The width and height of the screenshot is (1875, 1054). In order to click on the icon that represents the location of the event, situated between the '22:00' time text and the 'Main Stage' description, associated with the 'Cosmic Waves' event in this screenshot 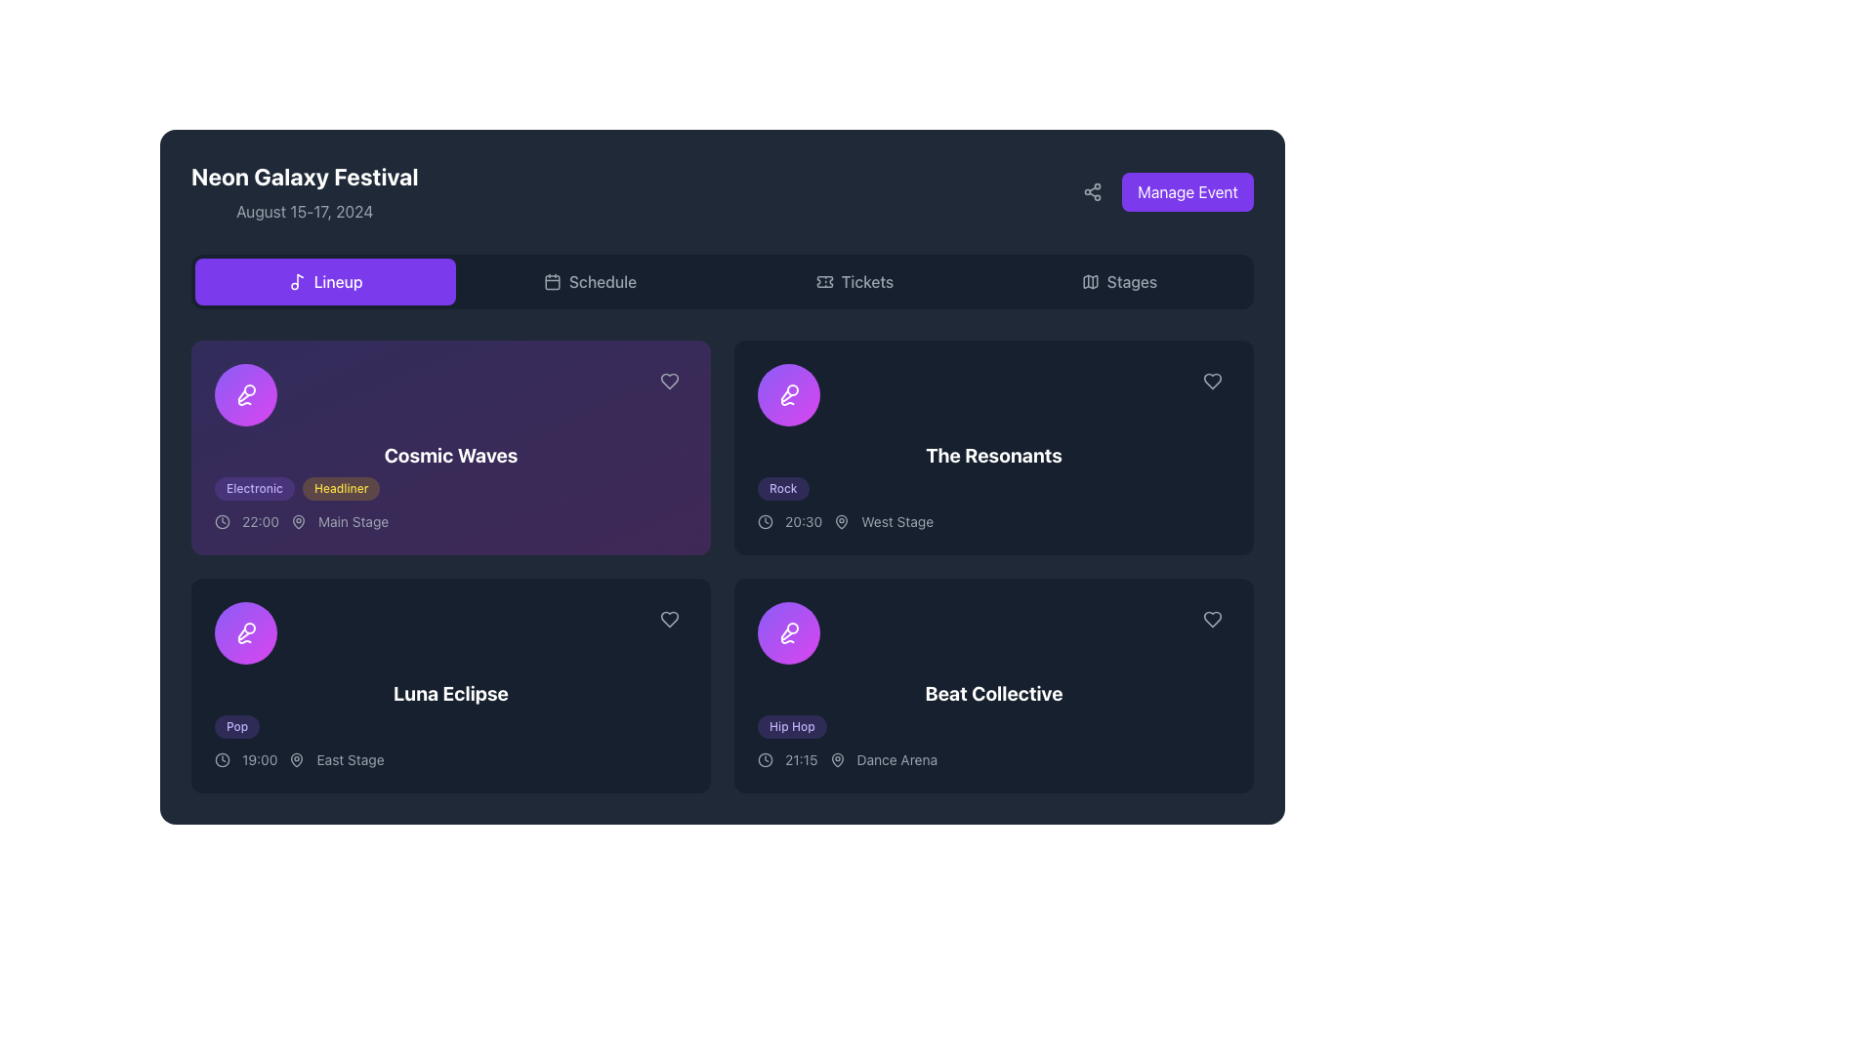, I will do `click(297, 521)`.